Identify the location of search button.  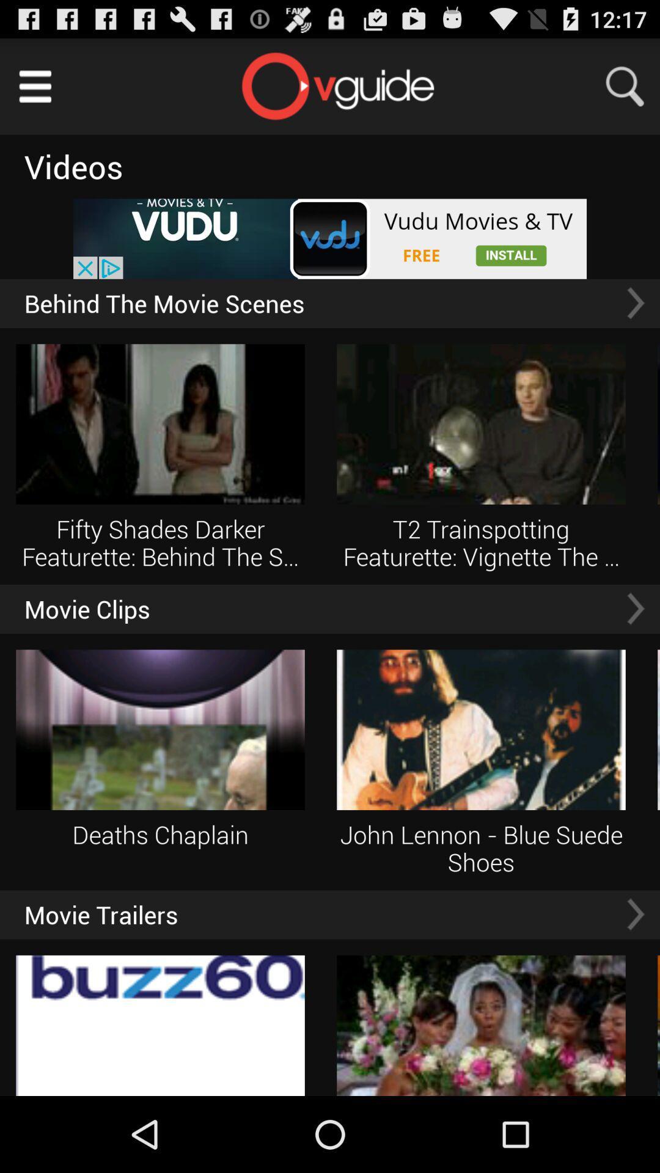
(632, 86).